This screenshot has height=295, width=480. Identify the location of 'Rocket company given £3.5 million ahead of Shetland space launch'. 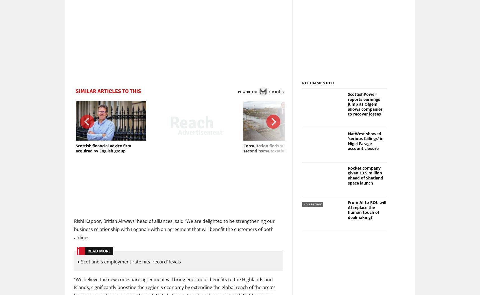
(365, 175).